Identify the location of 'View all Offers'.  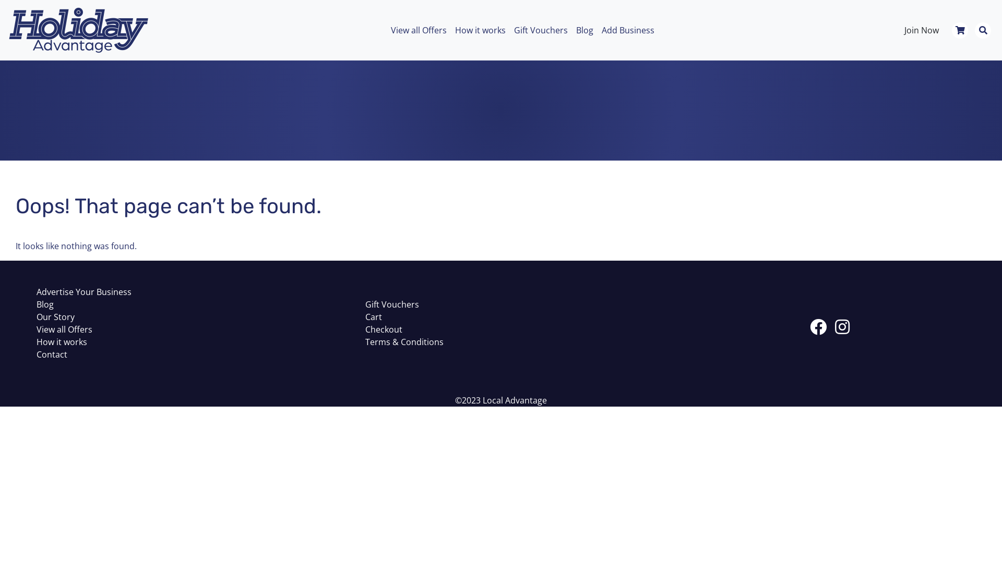
(64, 329).